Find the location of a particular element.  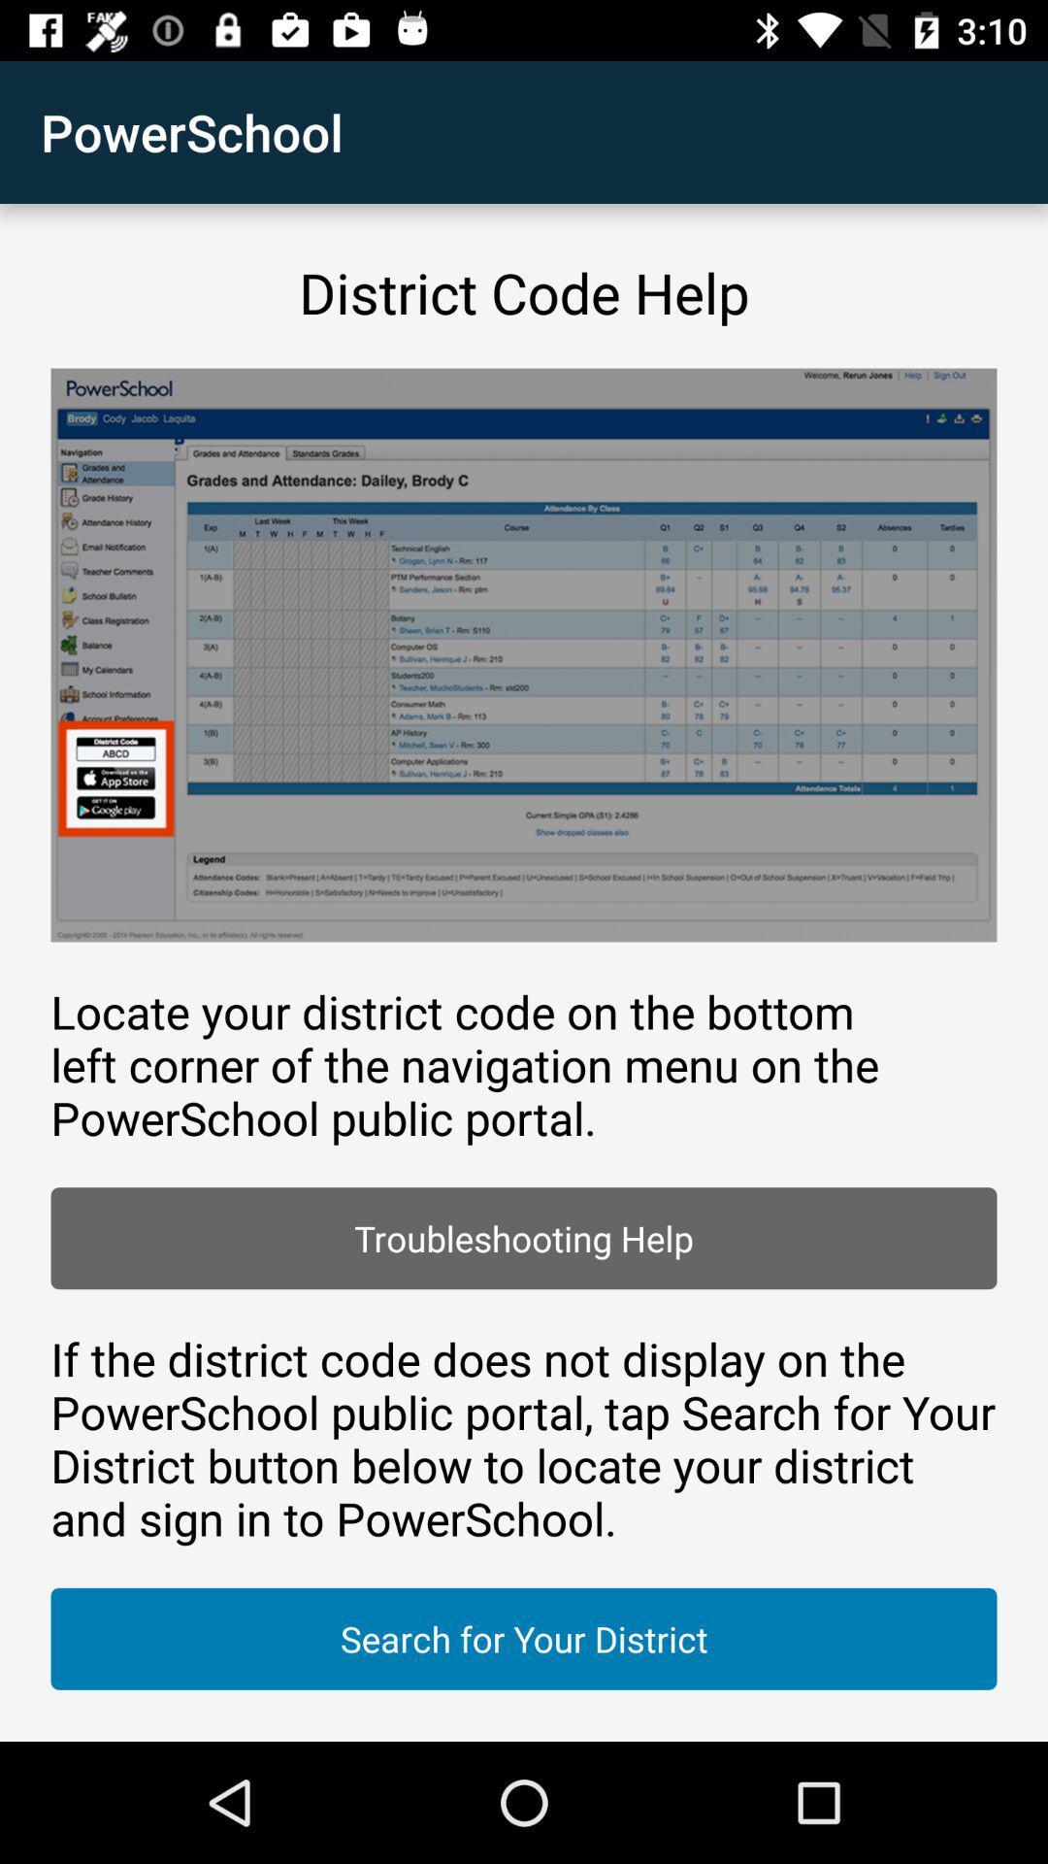

item below locate your district is located at coordinates (524, 1237).